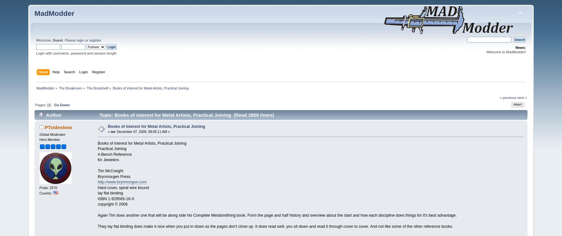 This screenshot has width=562, height=236. I want to click on 'Posts: 2570', so click(39, 187).